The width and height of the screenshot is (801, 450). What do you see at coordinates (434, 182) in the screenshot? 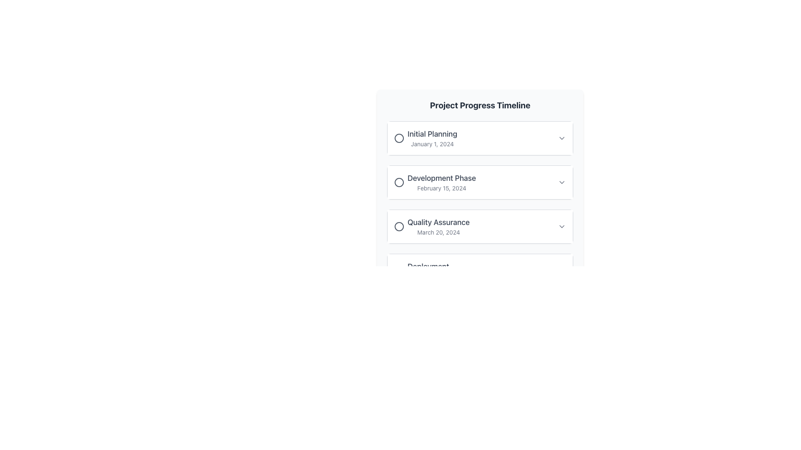
I see `the circular icon of the second list item labeled 'Development Phase' in the 'Project Progress Timeline' section` at bounding box center [434, 182].